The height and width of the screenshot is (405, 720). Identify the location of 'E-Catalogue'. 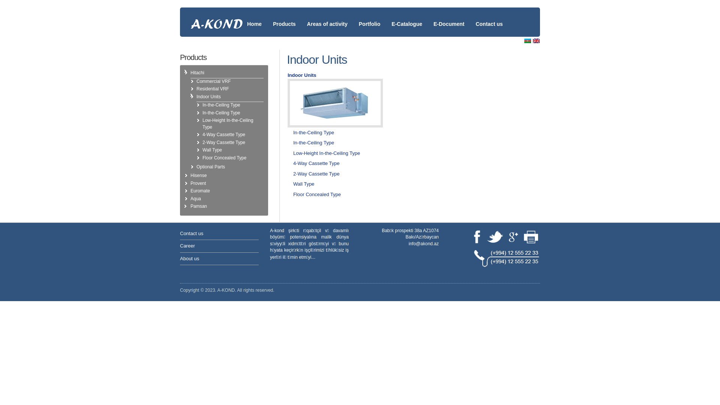
(406, 17).